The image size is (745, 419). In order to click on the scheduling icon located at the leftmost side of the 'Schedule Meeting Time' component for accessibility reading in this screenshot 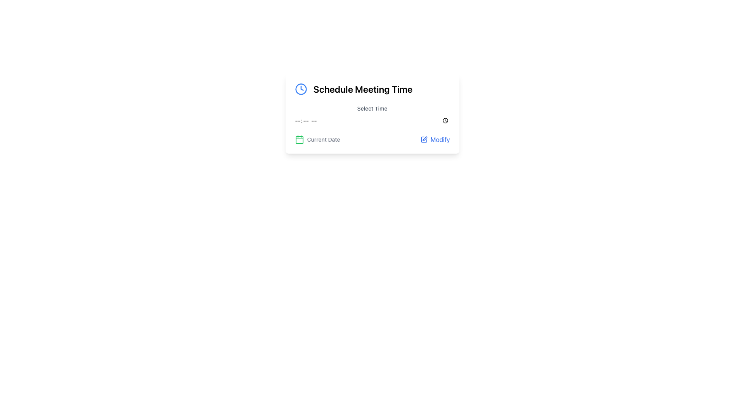, I will do `click(300, 89)`.